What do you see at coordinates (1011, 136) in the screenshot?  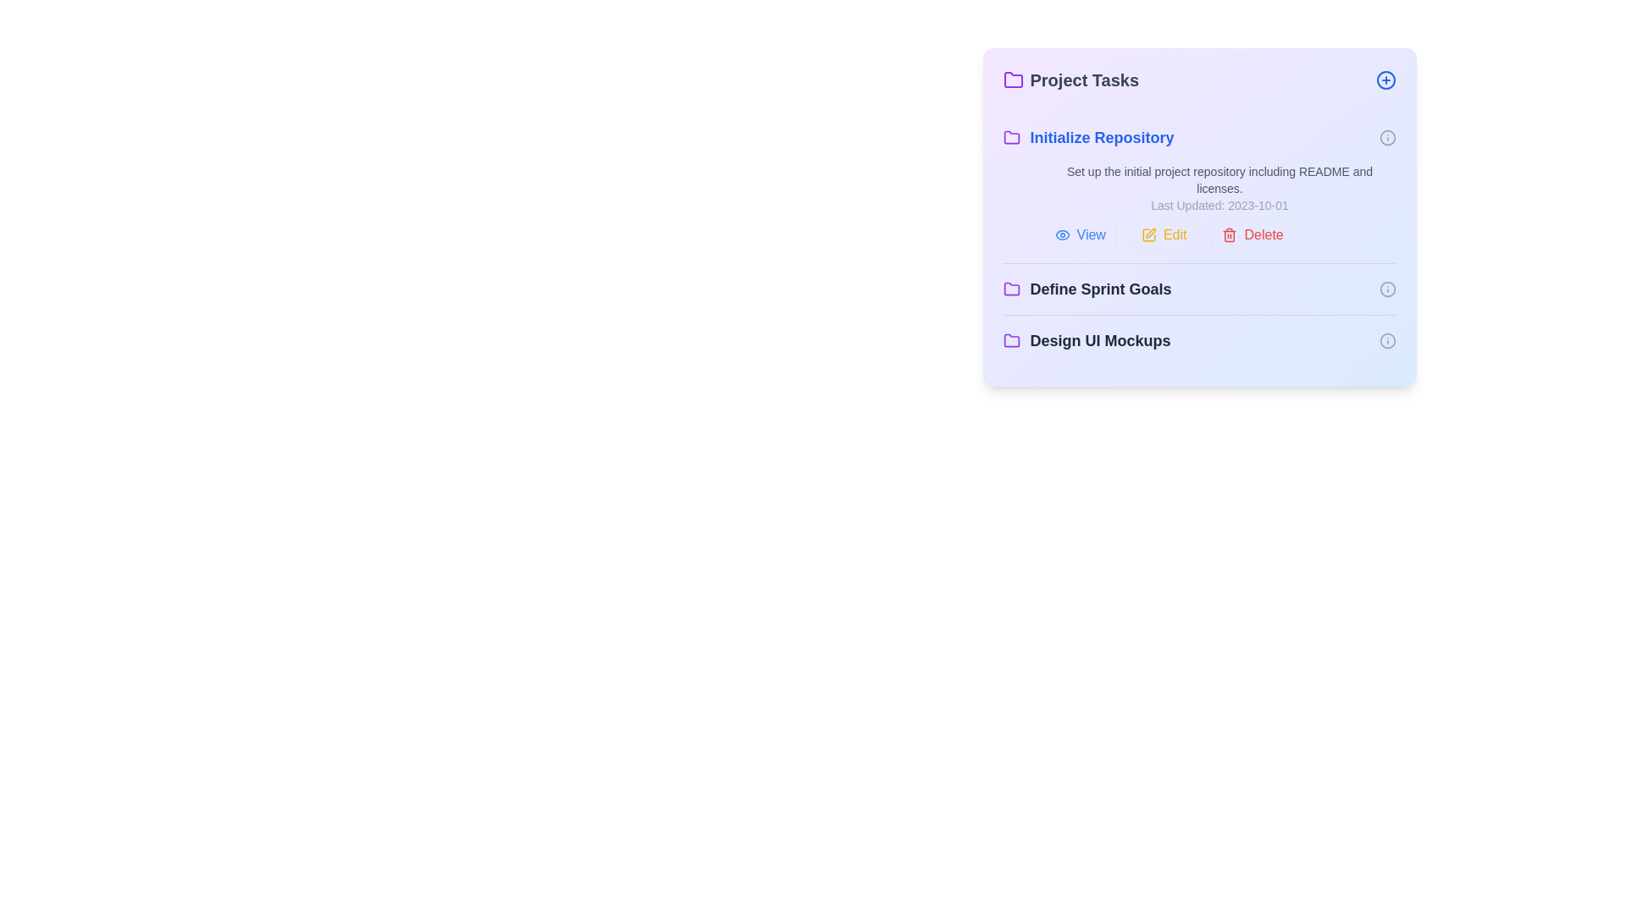 I see `the purple folder icon located to the left of the text 'Initialize Repository', which is the first item under the title 'Project Tasks'` at bounding box center [1011, 136].